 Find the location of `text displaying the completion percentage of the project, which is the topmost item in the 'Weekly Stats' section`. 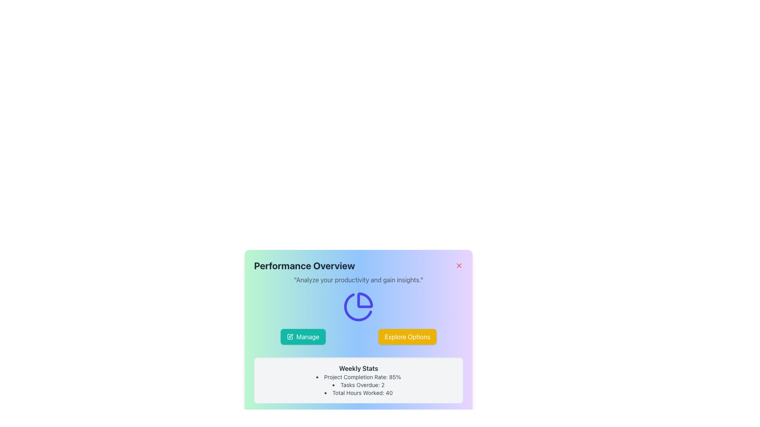

text displaying the completion percentage of the project, which is the topmost item in the 'Weekly Stats' section is located at coordinates (358, 376).